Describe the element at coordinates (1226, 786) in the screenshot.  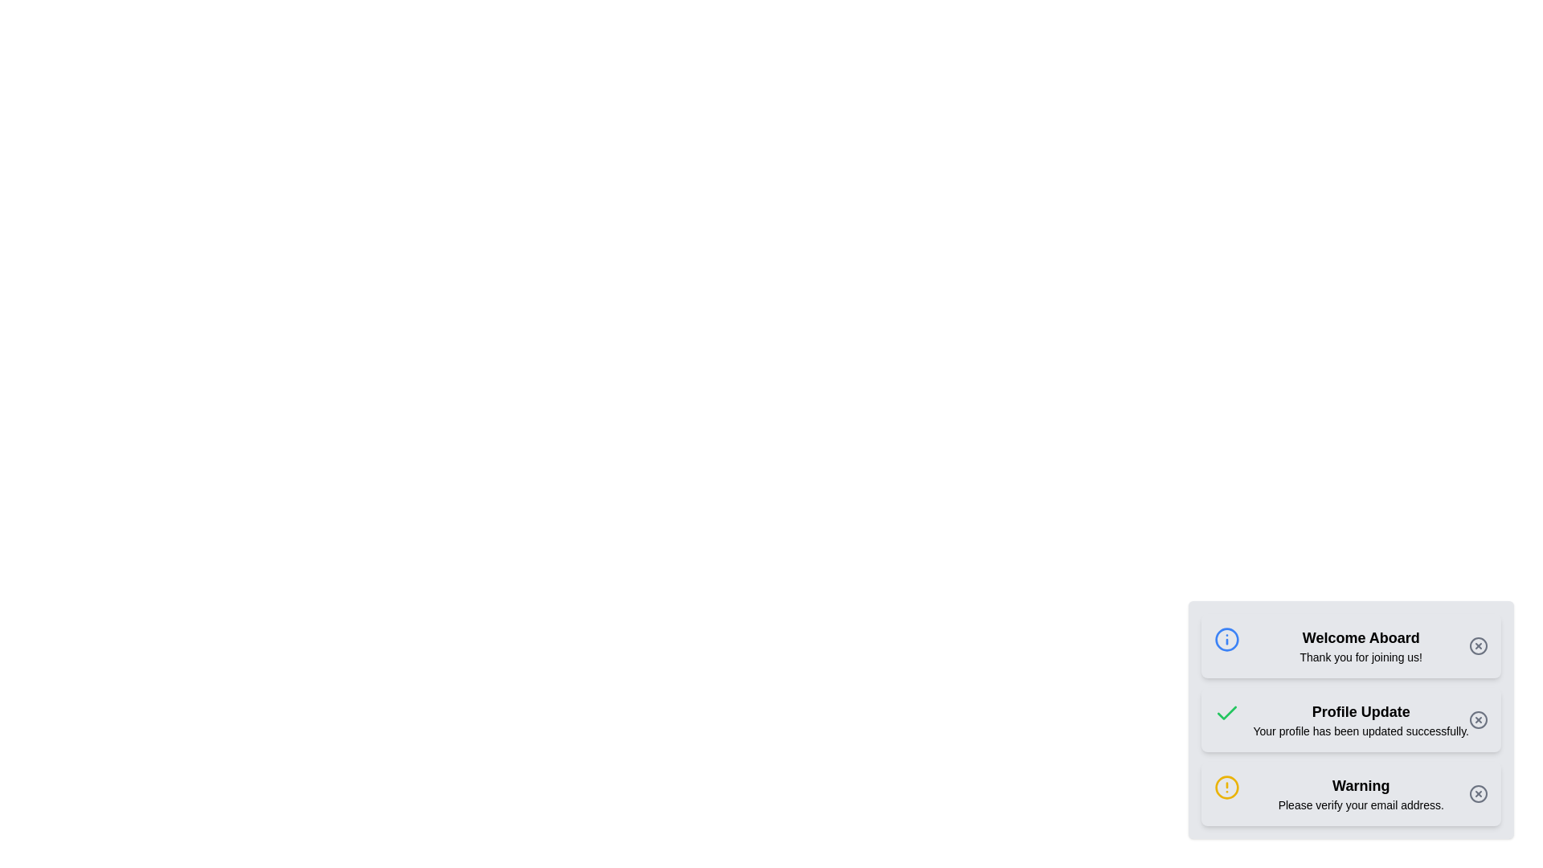
I see `the warning icon located at the leftmost part of the lower warning message in the notification panel, directly preceding the text 'Please verify your email address.'` at that location.